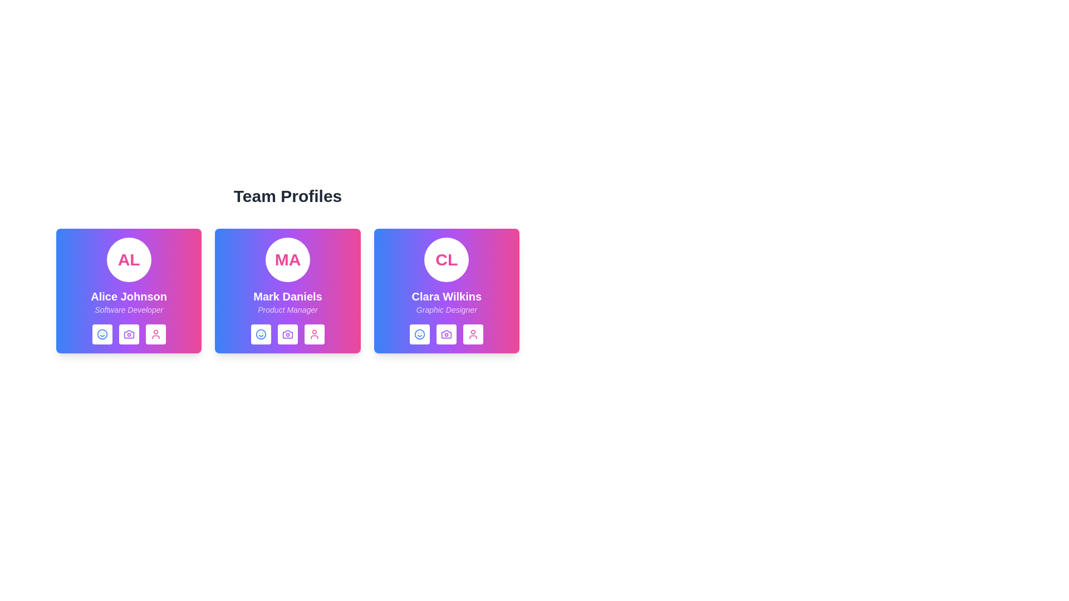  What do you see at coordinates (419, 334) in the screenshot?
I see `the button with a white background and blue smiling face icon located at the bottom-left corner of the card for 'Clara Wilkins'` at bounding box center [419, 334].